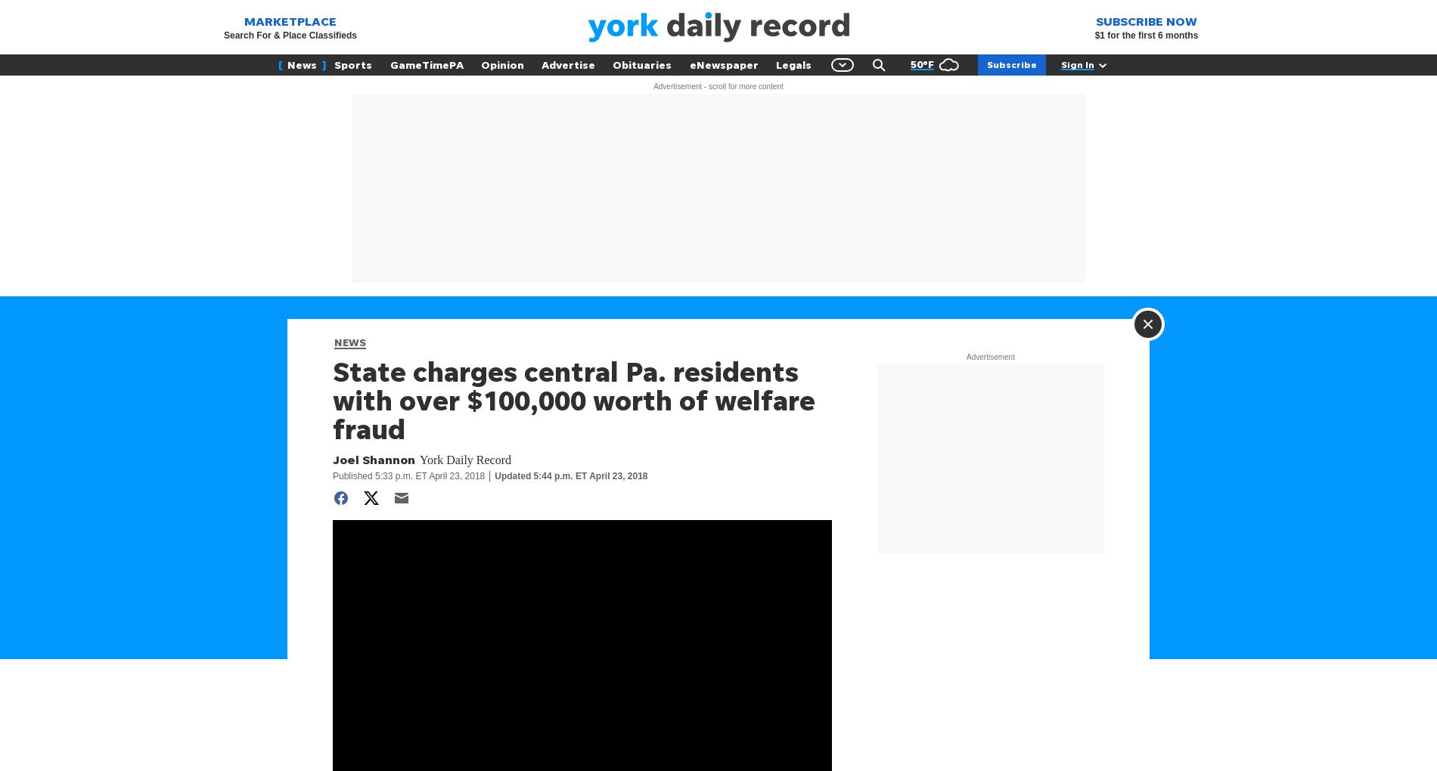 The image size is (1437, 771). Describe the element at coordinates (465, 459) in the screenshot. I see `'York Daily Record'` at that location.